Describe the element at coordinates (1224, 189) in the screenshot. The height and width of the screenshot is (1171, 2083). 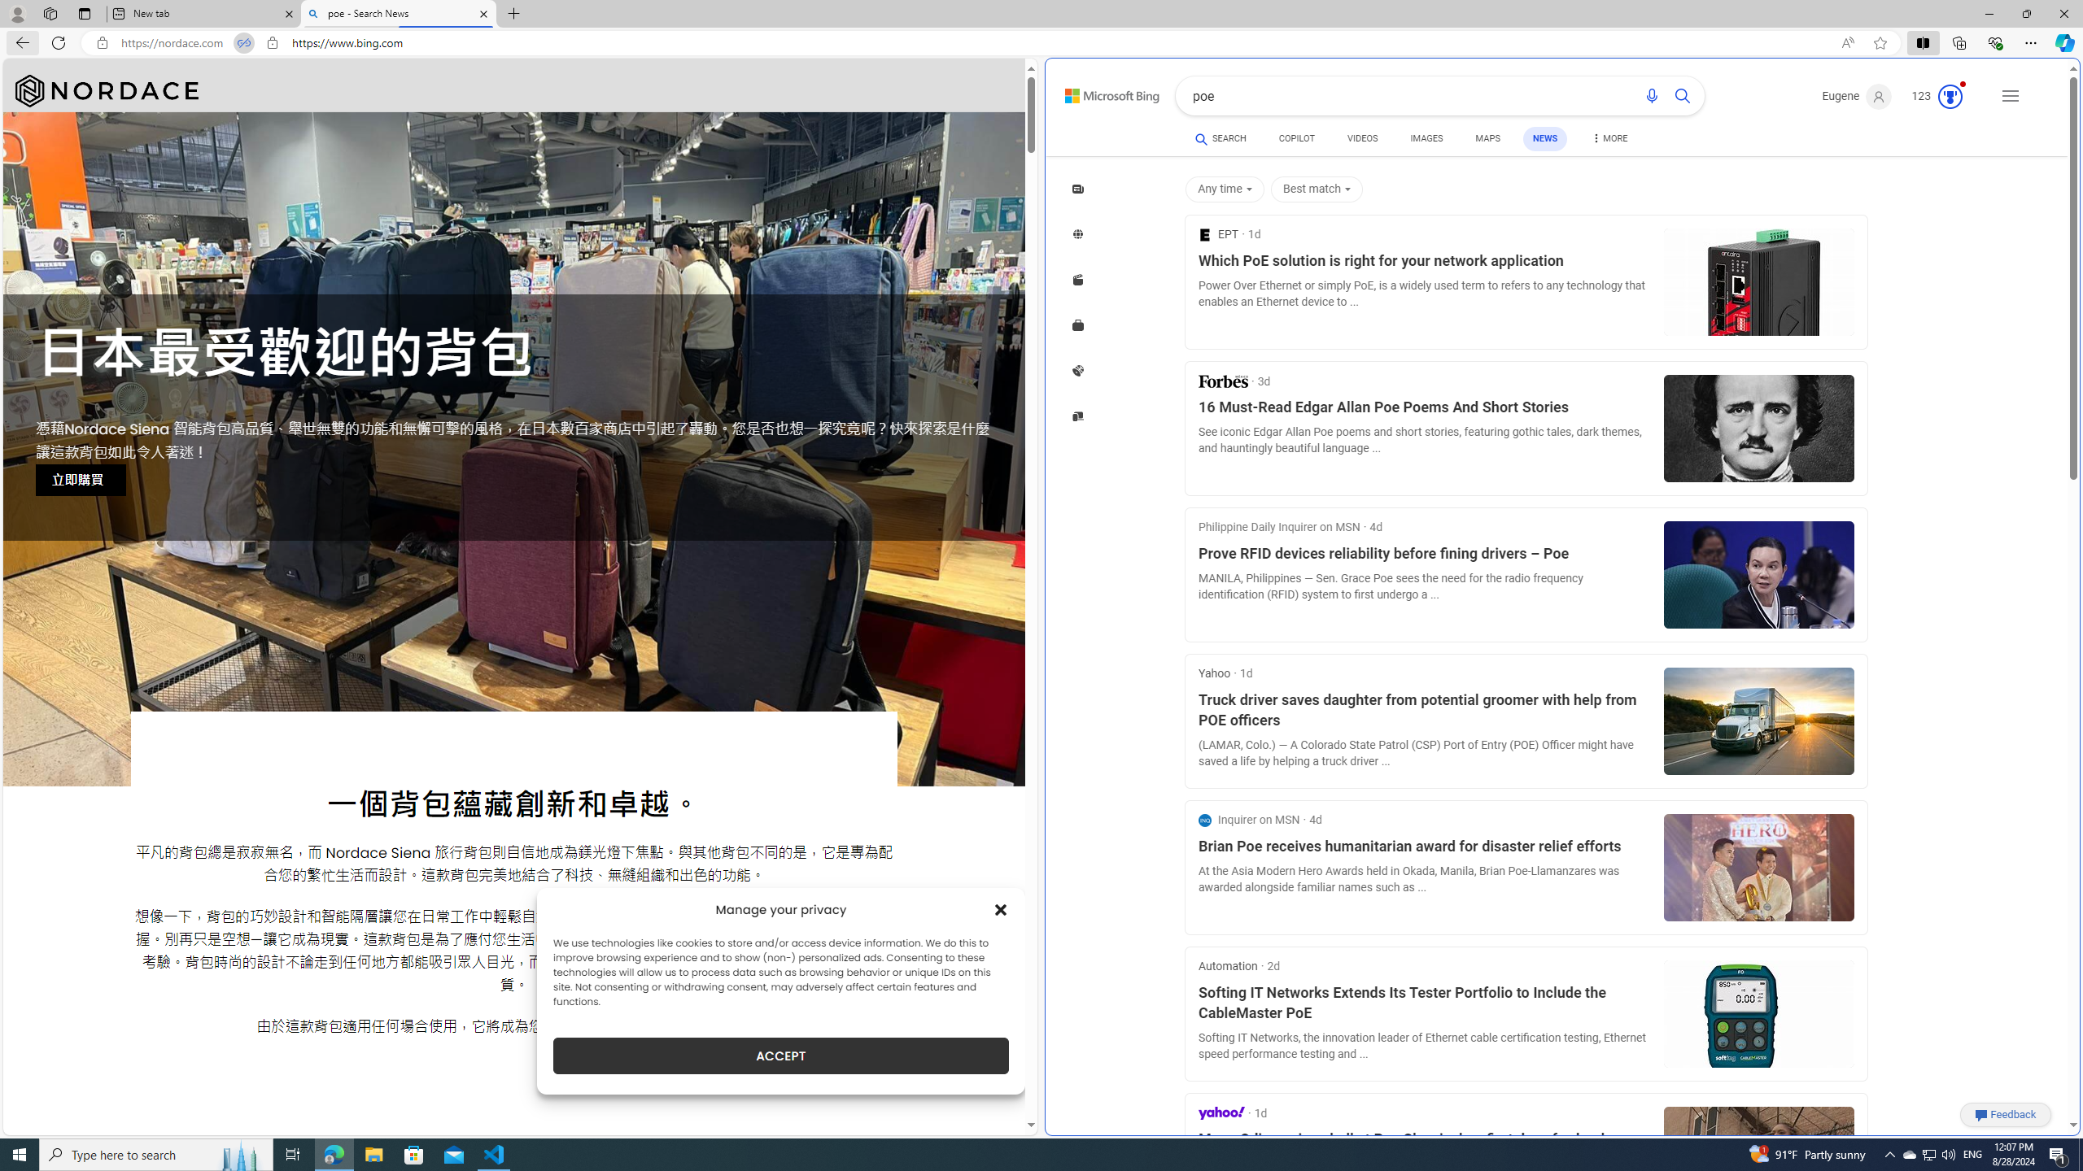
I see `'Any time'` at that location.